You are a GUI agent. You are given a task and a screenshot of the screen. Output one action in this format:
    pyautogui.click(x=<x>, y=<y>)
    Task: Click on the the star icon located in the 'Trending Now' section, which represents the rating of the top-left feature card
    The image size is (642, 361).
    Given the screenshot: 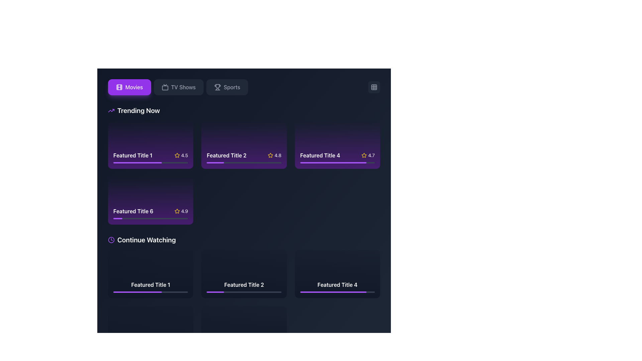 What is the action you would take?
    pyautogui.click(x=177, y=155)
    